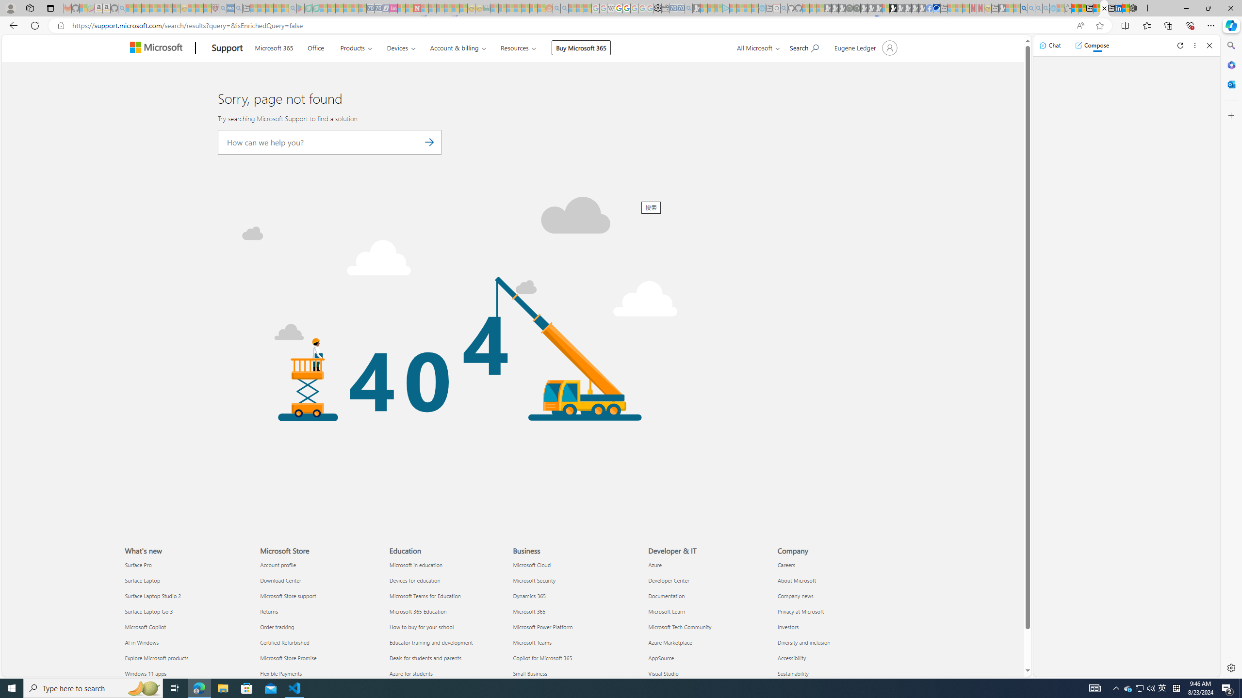  I want to click on 'Sustainability', so click(836, 672).